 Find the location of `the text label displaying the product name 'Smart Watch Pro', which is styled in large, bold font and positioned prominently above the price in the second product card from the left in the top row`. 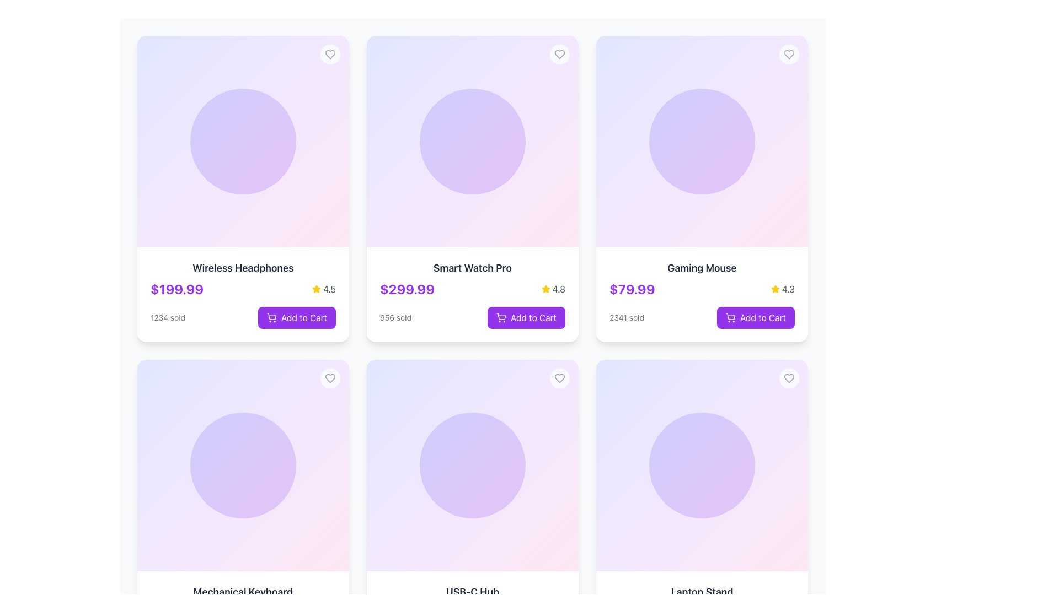

the text label displaying the product name 'Smart Watch Pro', which is styled in large, bold font and positioned prominently above the price in the second product card from the left in the top row is located at coordinates (473, 268).